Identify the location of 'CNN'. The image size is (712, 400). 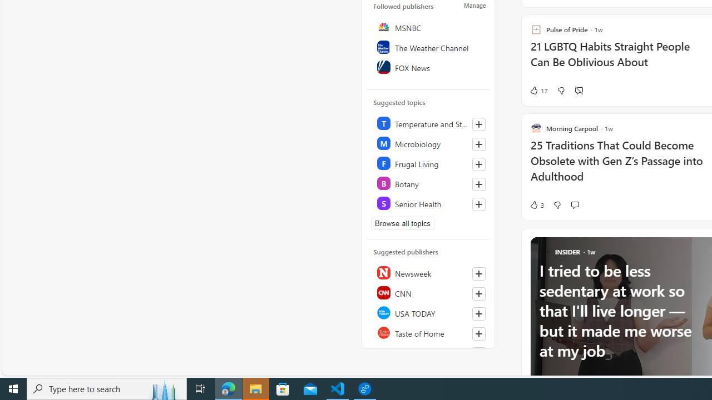
(428, 292).